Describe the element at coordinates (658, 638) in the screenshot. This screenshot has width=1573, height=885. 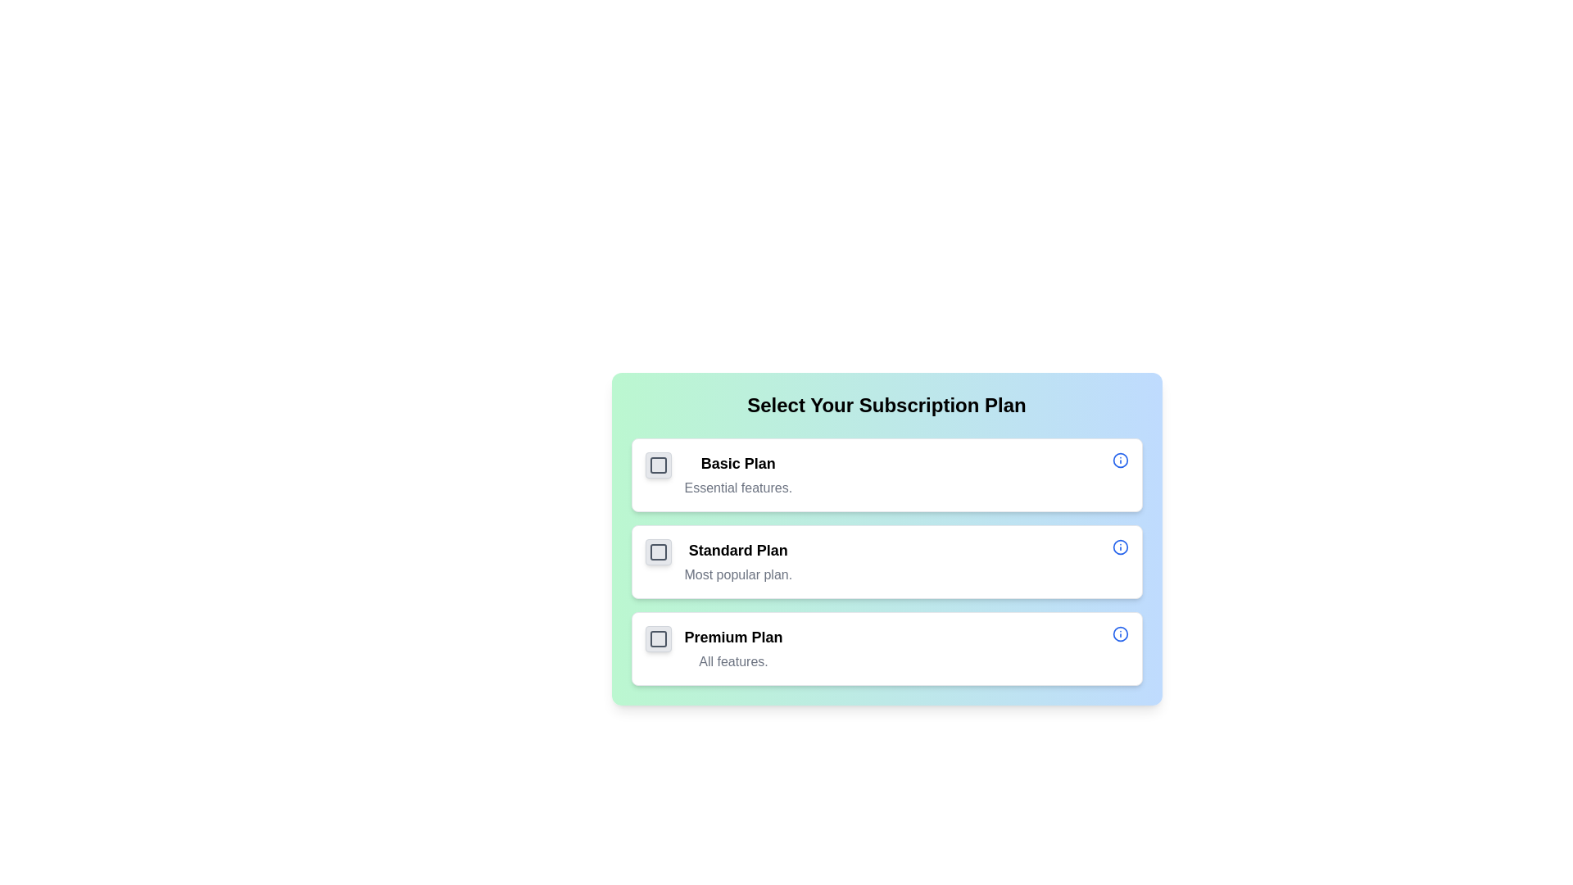
I see `the checkbox button` at that location.